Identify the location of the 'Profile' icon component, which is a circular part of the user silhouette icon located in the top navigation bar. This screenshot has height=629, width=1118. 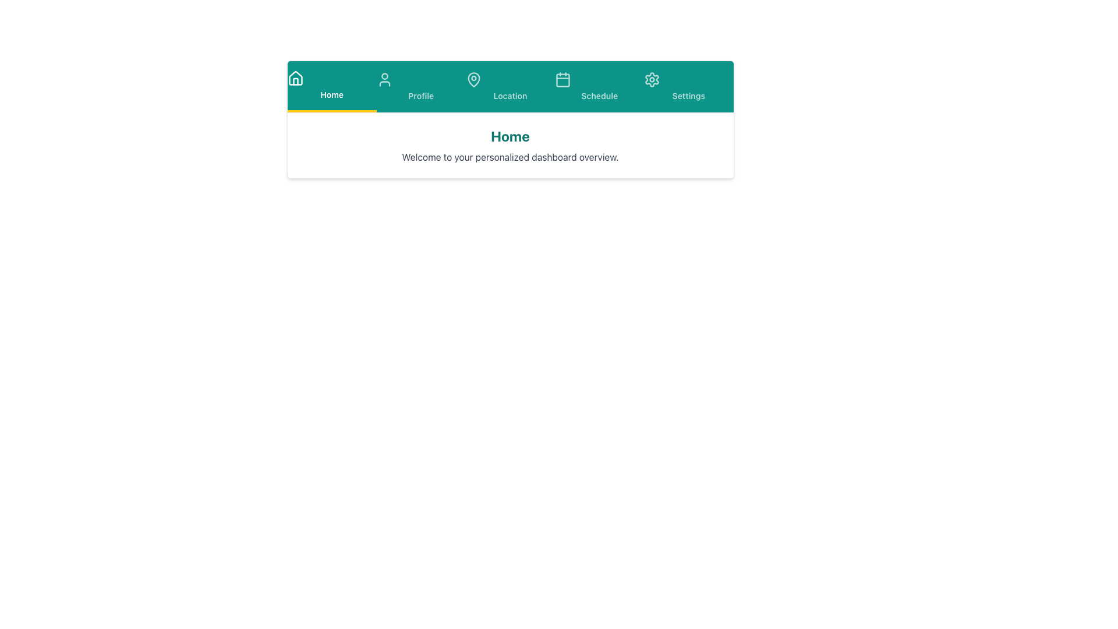
(384, 76).